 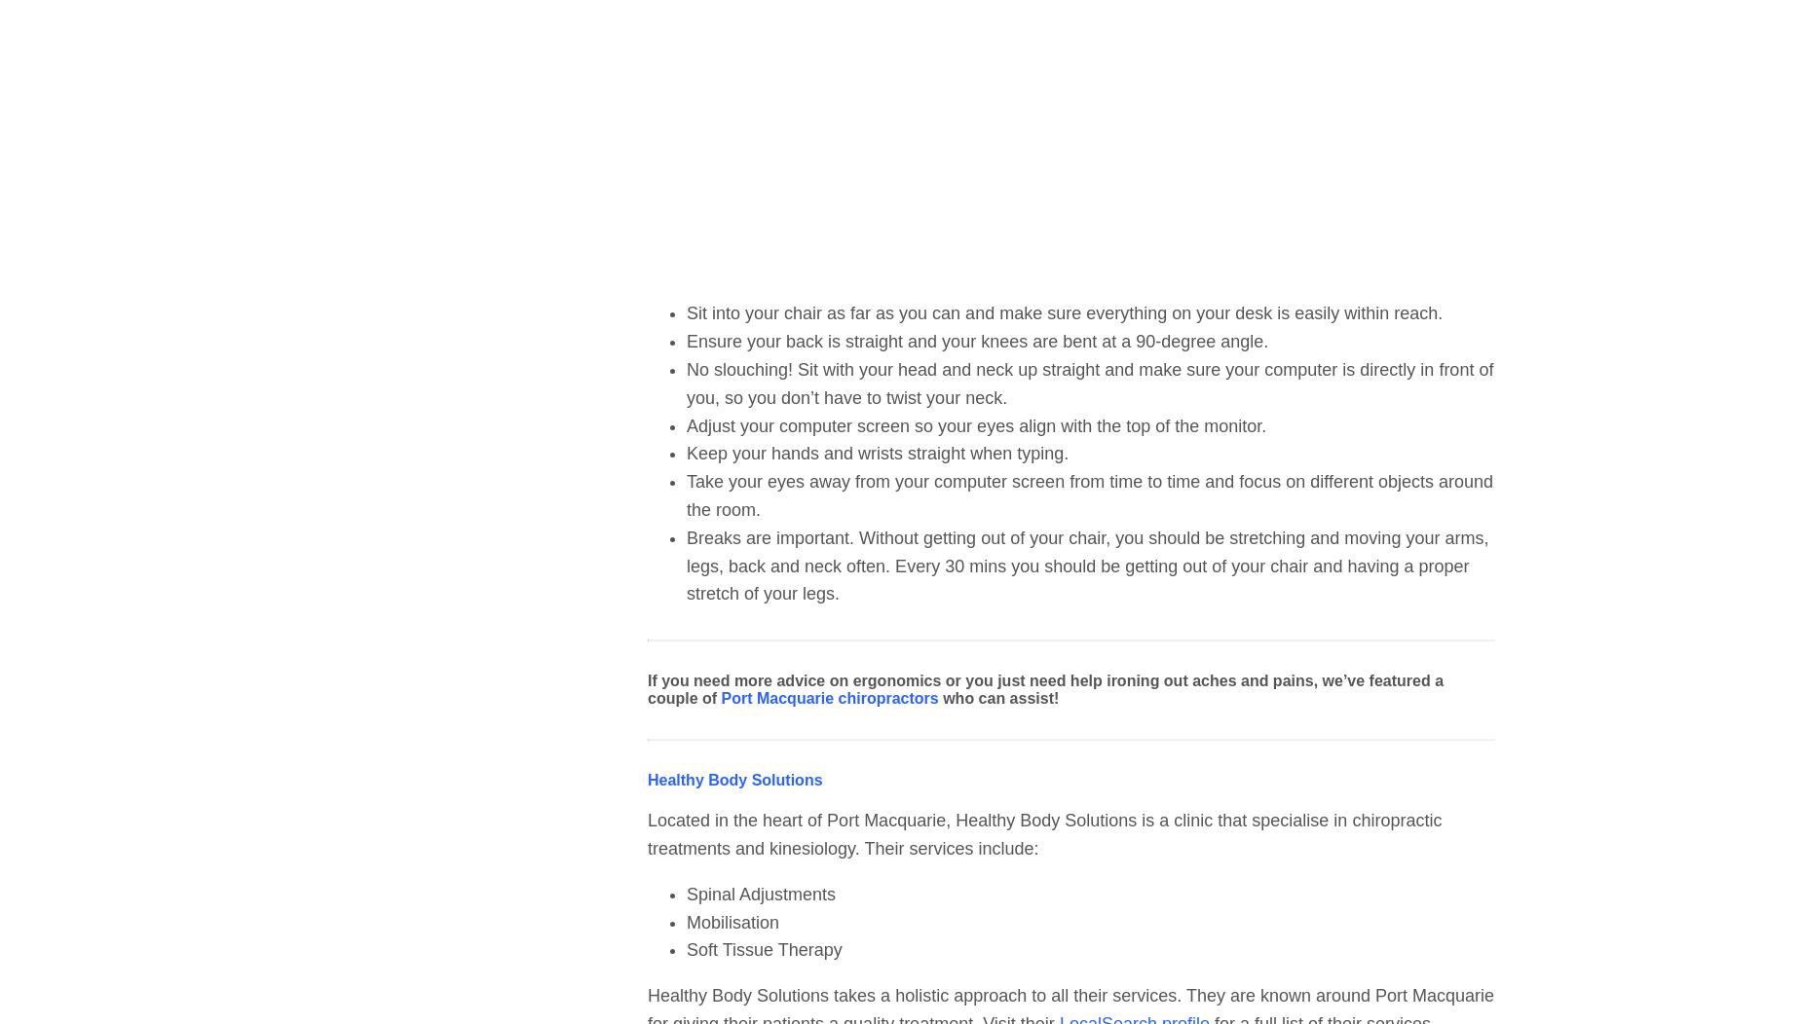 I want to click on 'Take your eyes away from your computer screen from time to time and focus on different objects around the room.', so click(x=1088, y=494).